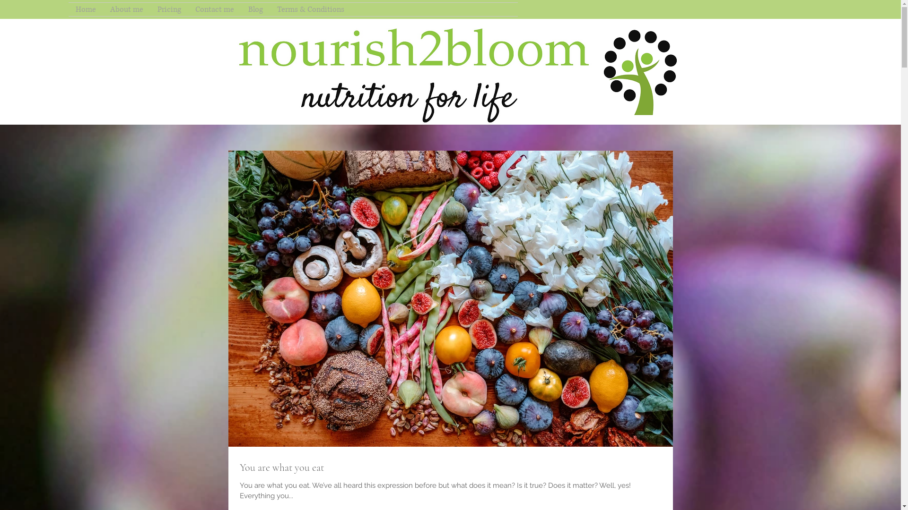 This screenshot has height=510, width=908. I want to click on 'About me', so click(126, 9).